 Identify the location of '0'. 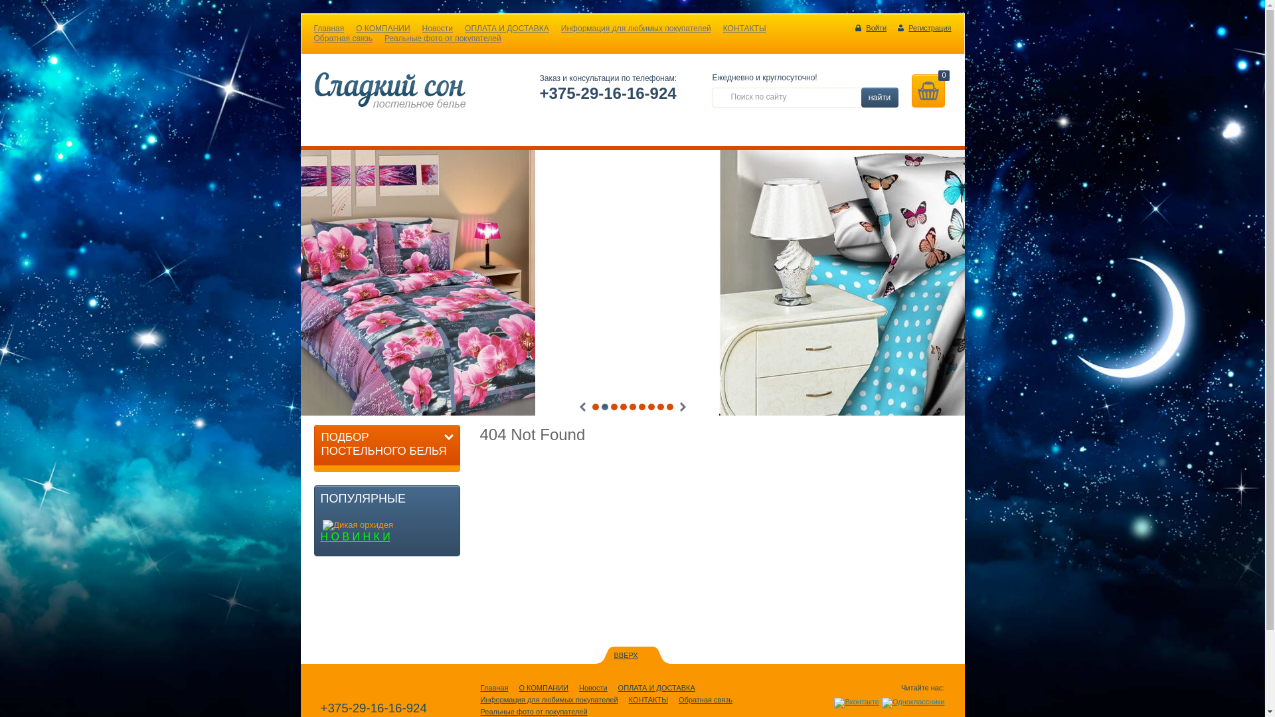
(926, 90).